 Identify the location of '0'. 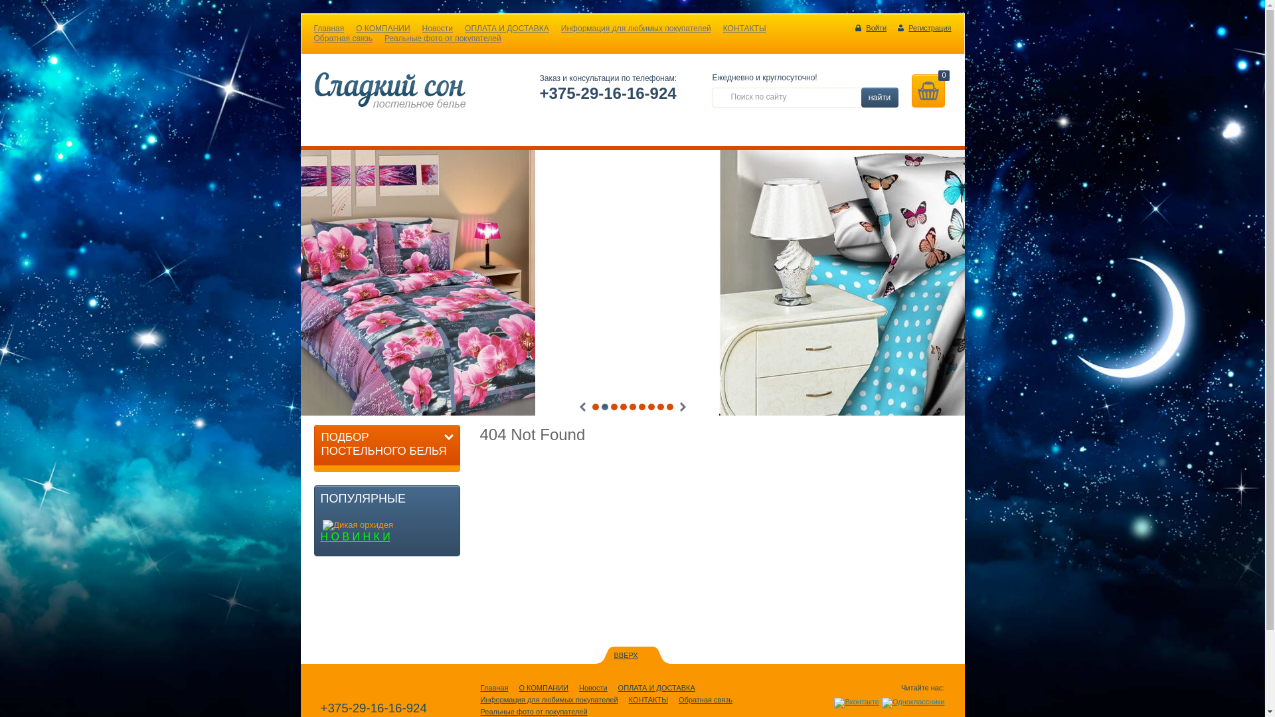
(926, 90).